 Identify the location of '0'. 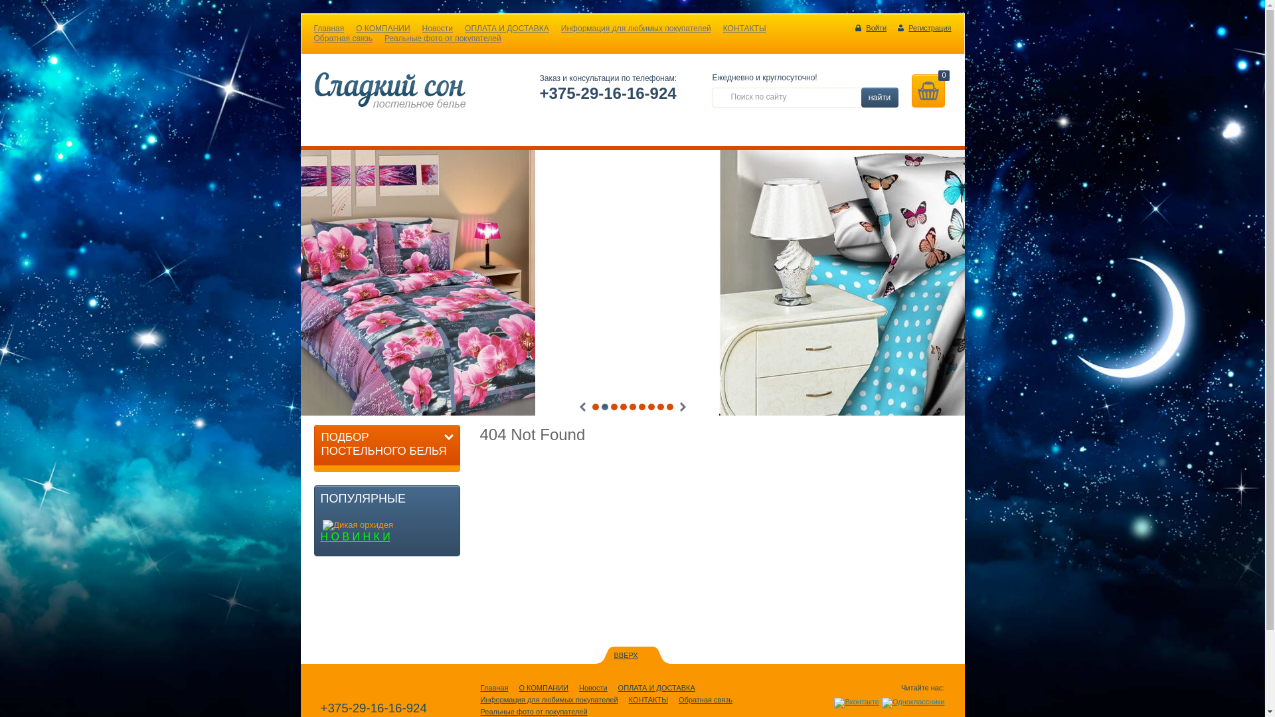
(926, 90).